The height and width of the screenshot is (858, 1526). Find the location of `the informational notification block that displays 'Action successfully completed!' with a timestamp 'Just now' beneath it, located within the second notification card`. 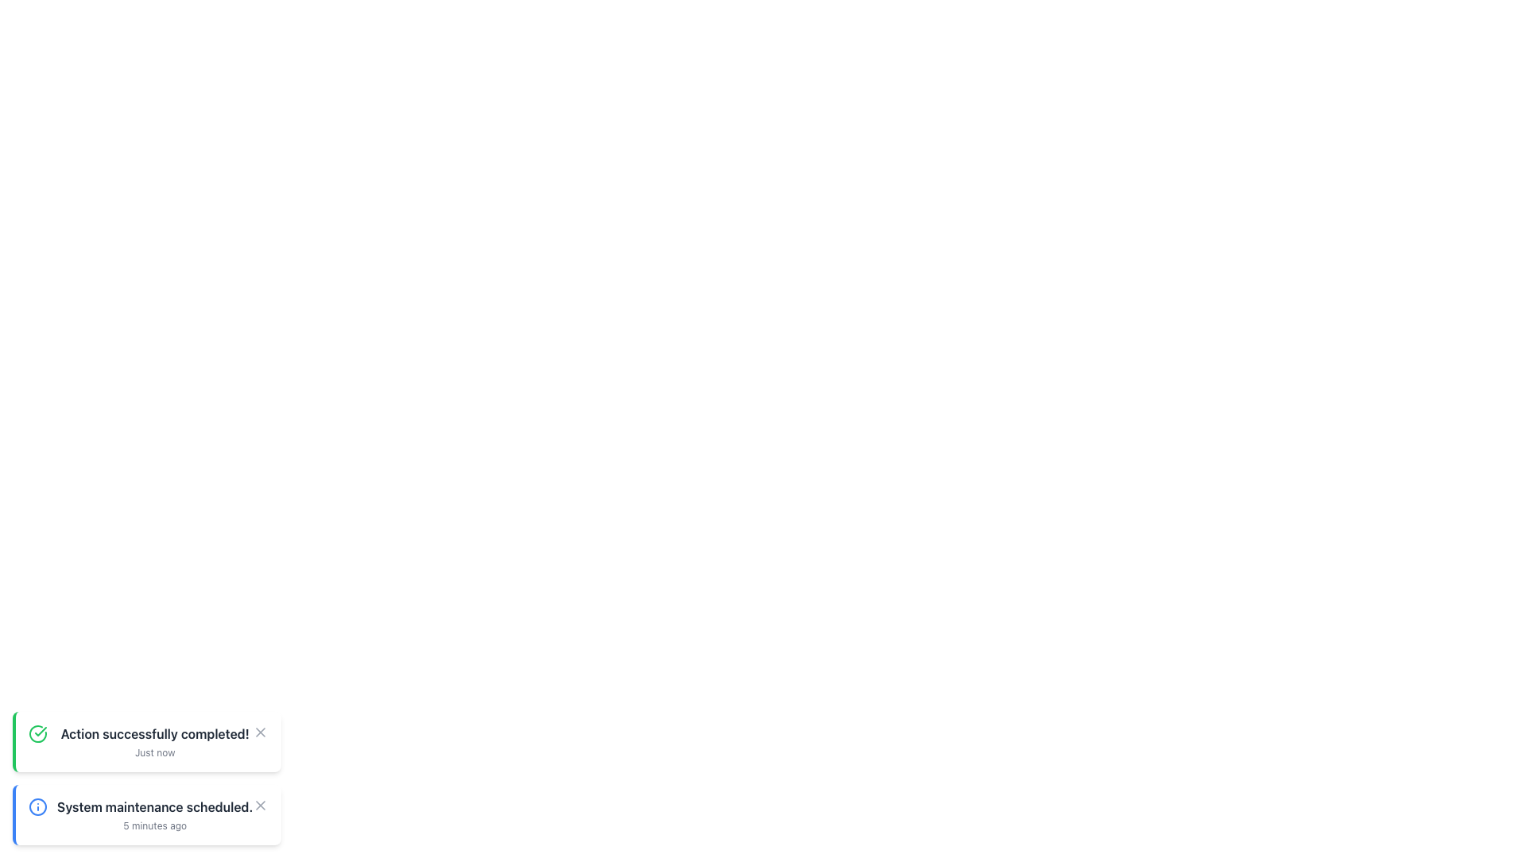

the informational notification block that displays 'Action successfully completed!' with a timestamp 'Just now' beneath it, located within the second notification card is located at coordinates (155, 741).